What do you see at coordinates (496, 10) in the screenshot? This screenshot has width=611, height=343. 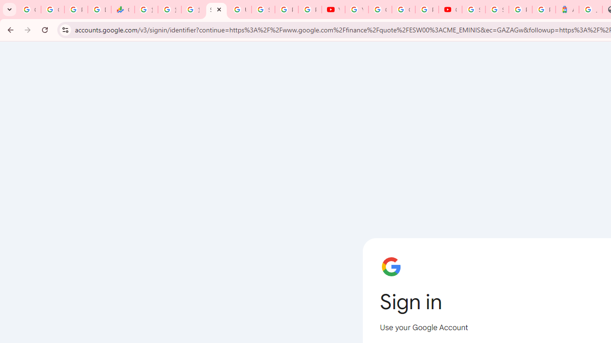 I see `'Sign in - Google Accounts'` at bounding box center [496, 10].